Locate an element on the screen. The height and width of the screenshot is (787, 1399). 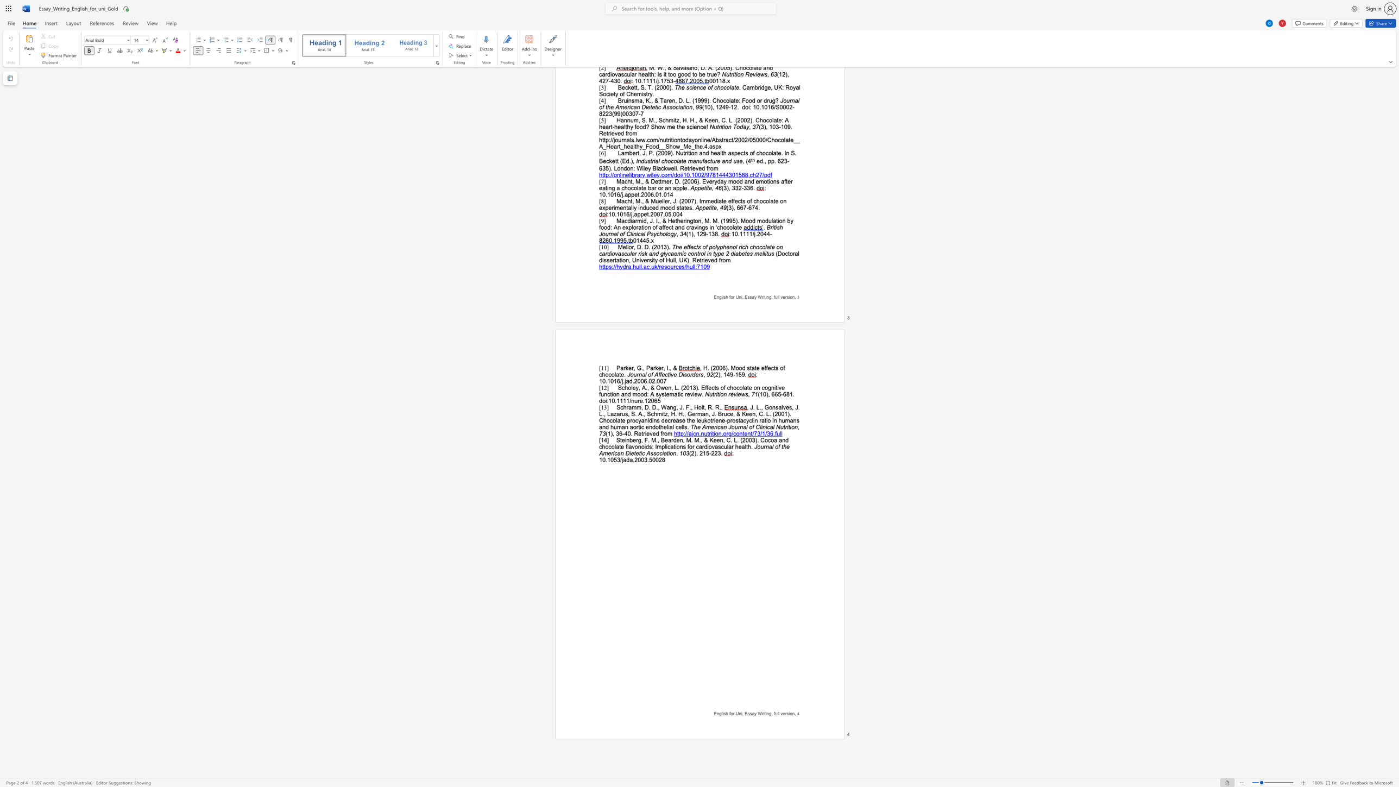
the subset text "Essay Writing, ful" within the text "English for Uni, Essay Writing, full version," is located at coordinates (745, 713).